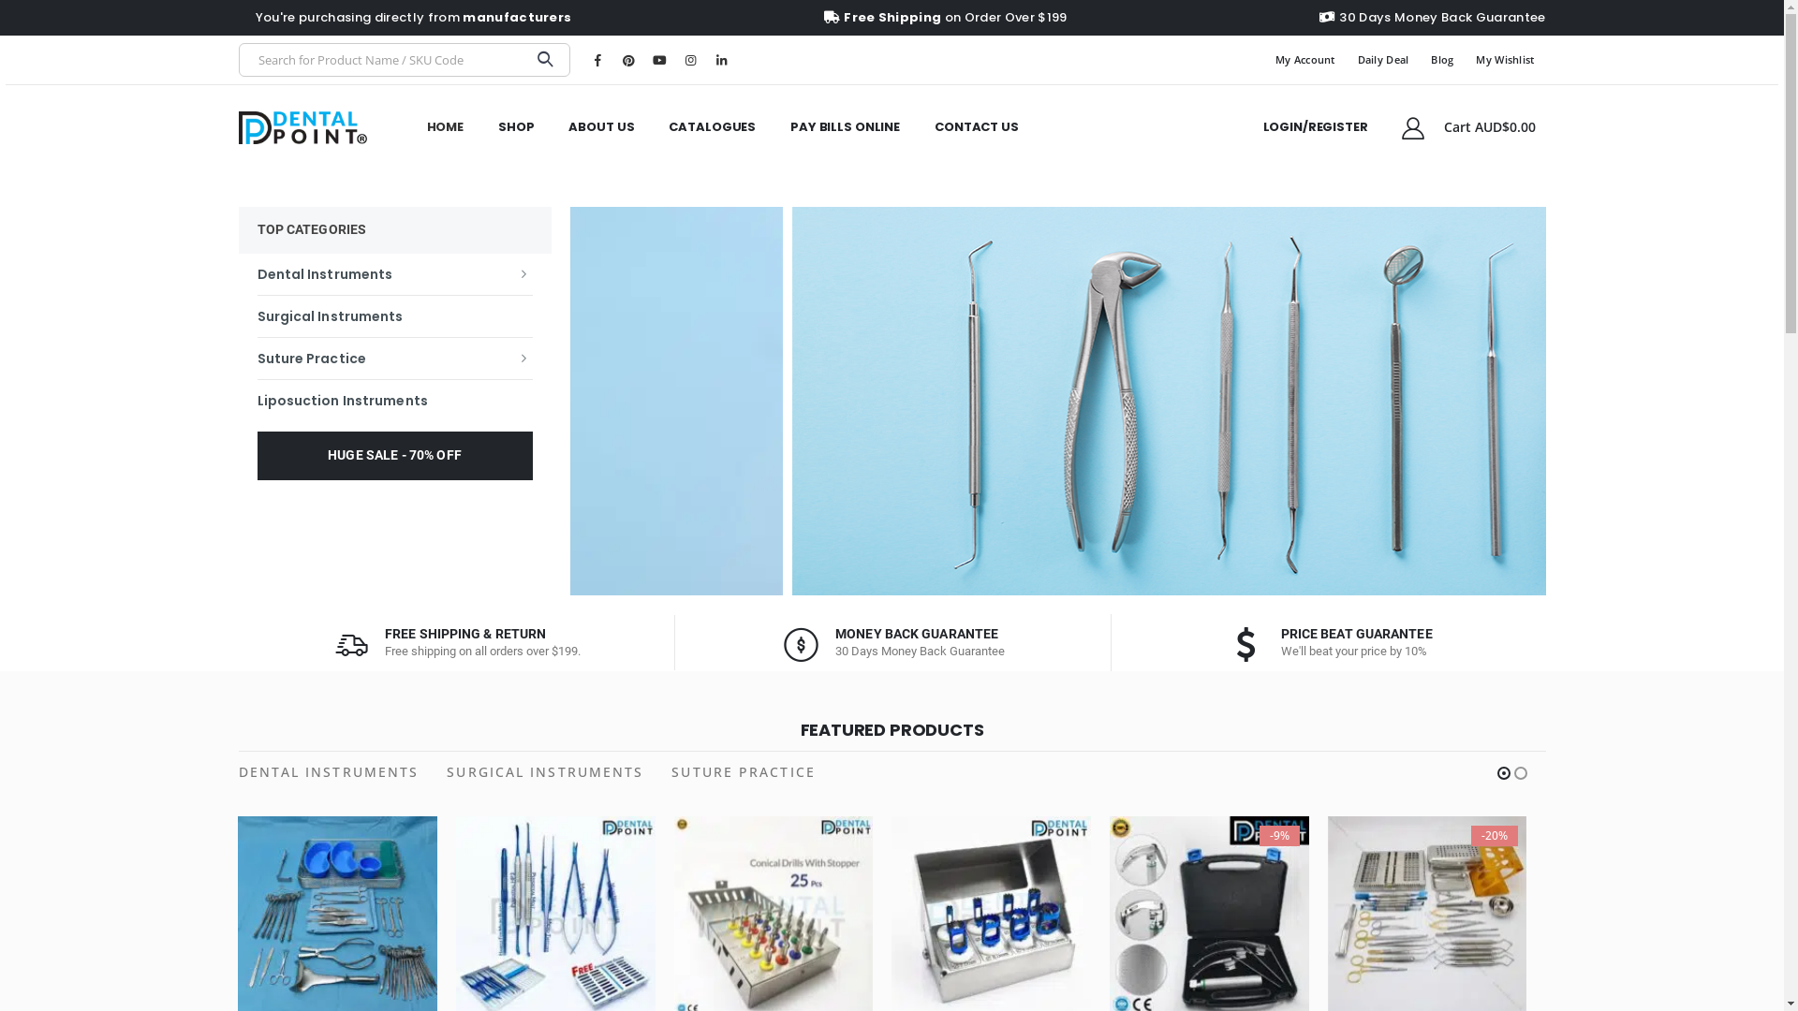 The width and height of the screenshot is (1798, 1011). What do you see at coordinates (711, 126) in the screenshot?
I see `'CATALOGUES'` at bounding box center [711, 126].